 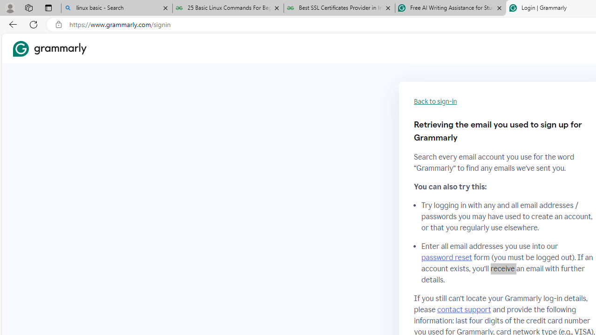 I want to click on 'contact support', so click(x=464, y=309).